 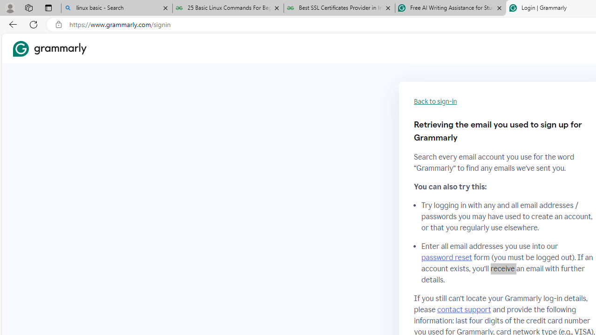 I want to click on 'contact support', so click(x=464, y=309).